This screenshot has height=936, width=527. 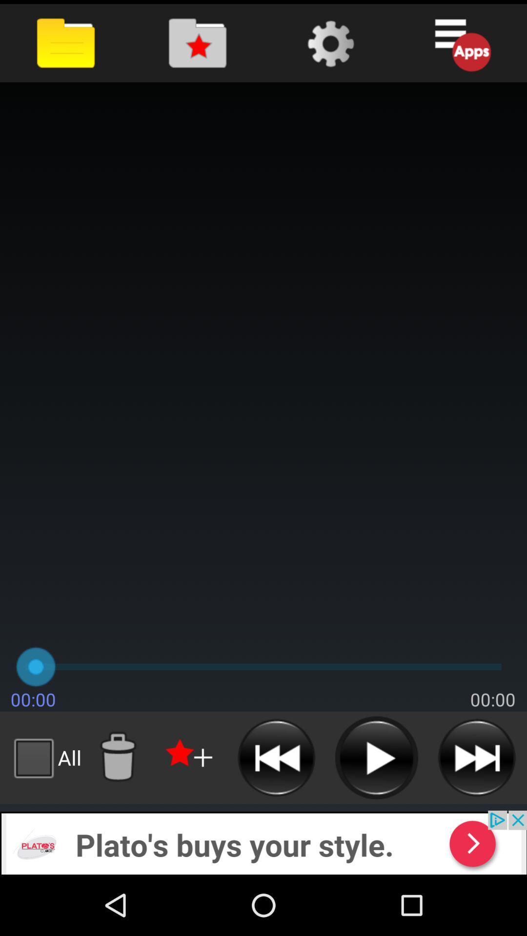 I want to click on beginning of audio, so click(x=276, y=757).